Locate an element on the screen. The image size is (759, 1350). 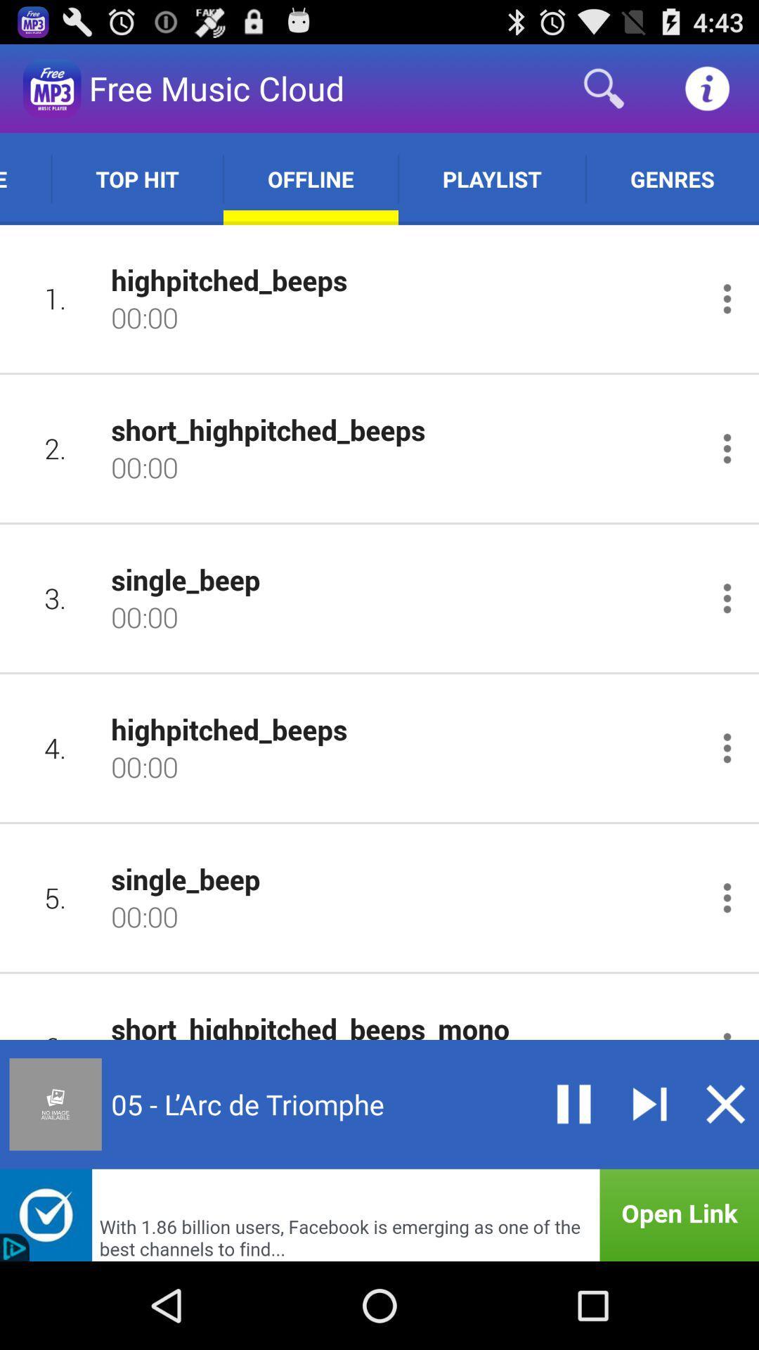
5. icon is located at coordinates (55, 896).